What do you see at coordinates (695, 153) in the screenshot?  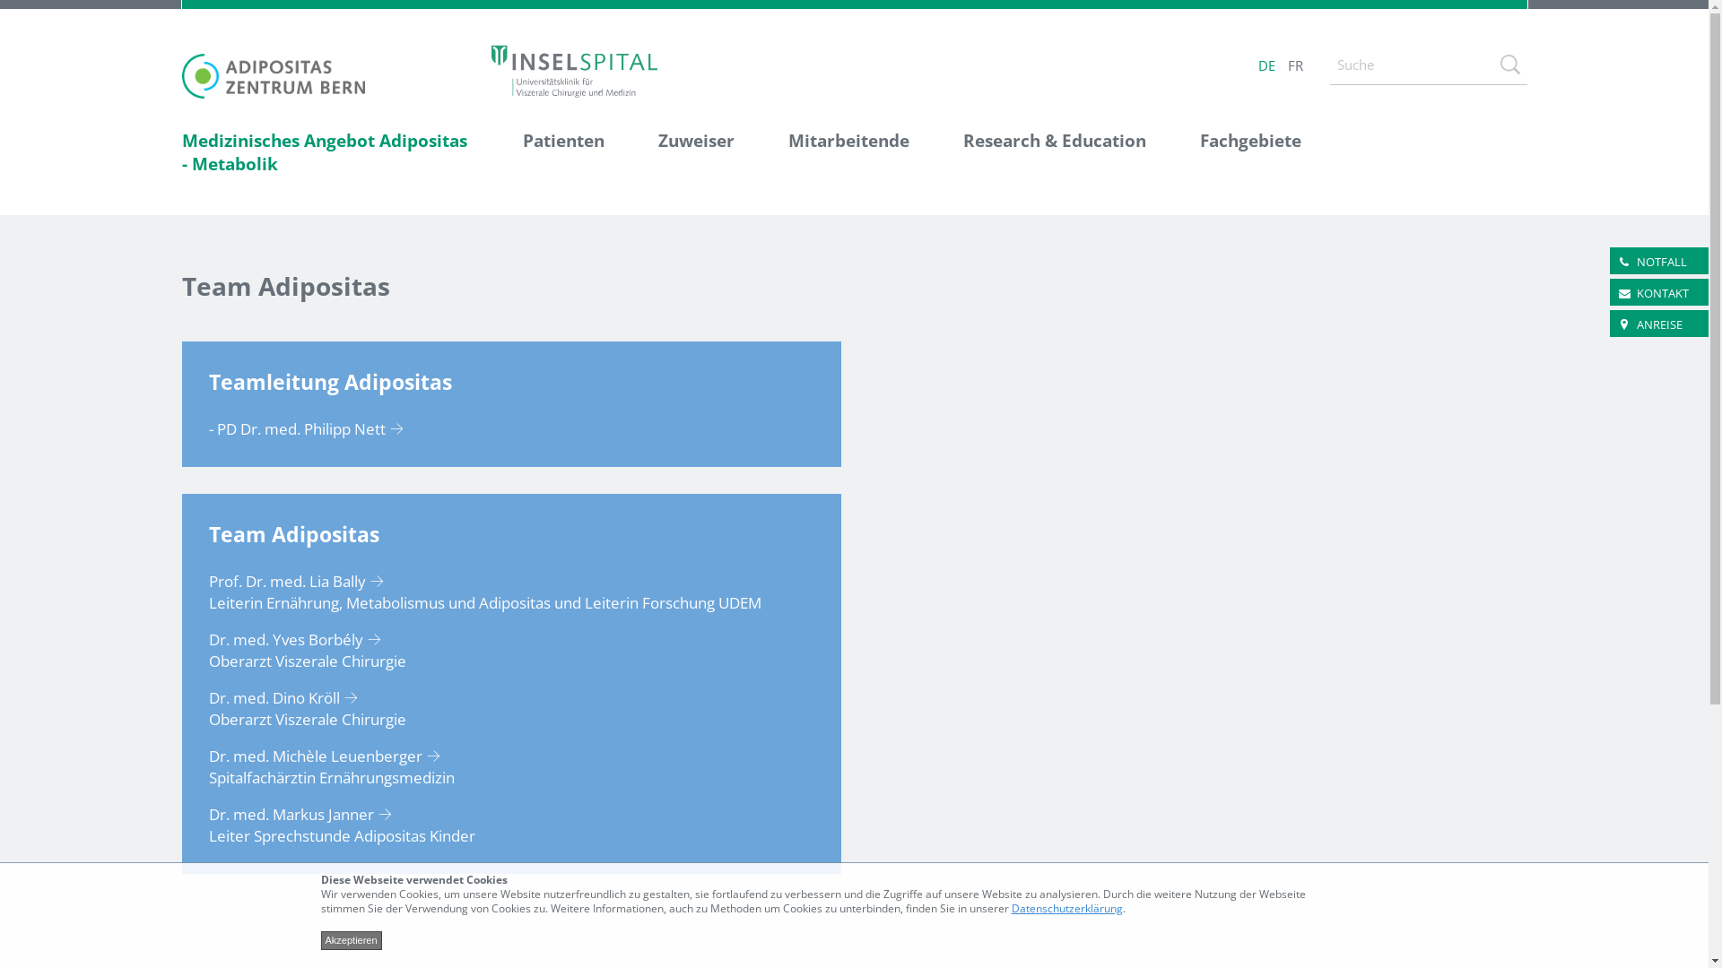 I see `'Zuweiser'` at bounding box center [695, 153].